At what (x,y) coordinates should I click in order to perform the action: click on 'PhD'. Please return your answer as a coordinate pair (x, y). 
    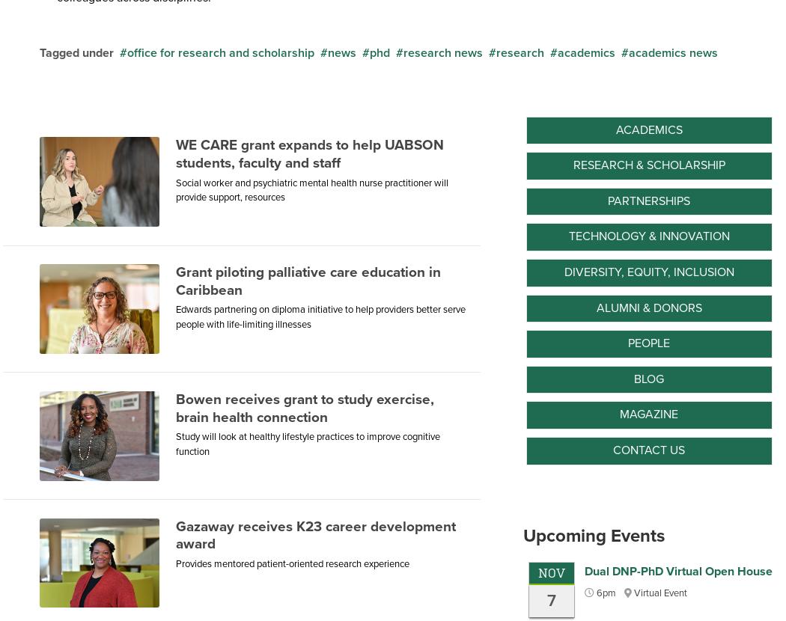
    Looking at the image, I should click on (378, 51).